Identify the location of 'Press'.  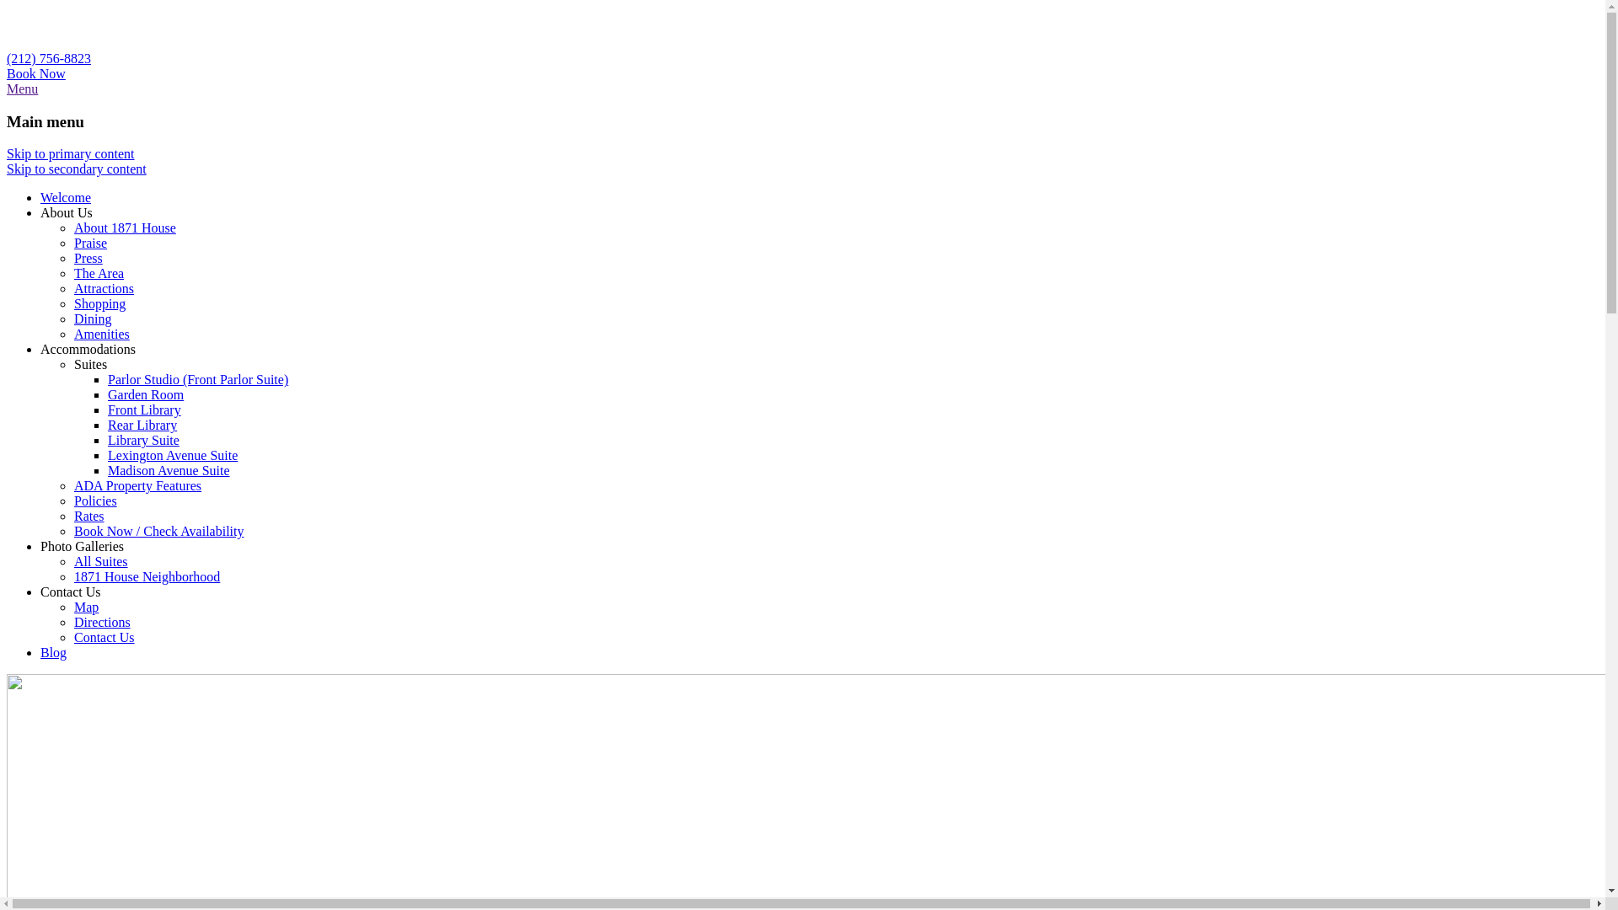
(88, 258).